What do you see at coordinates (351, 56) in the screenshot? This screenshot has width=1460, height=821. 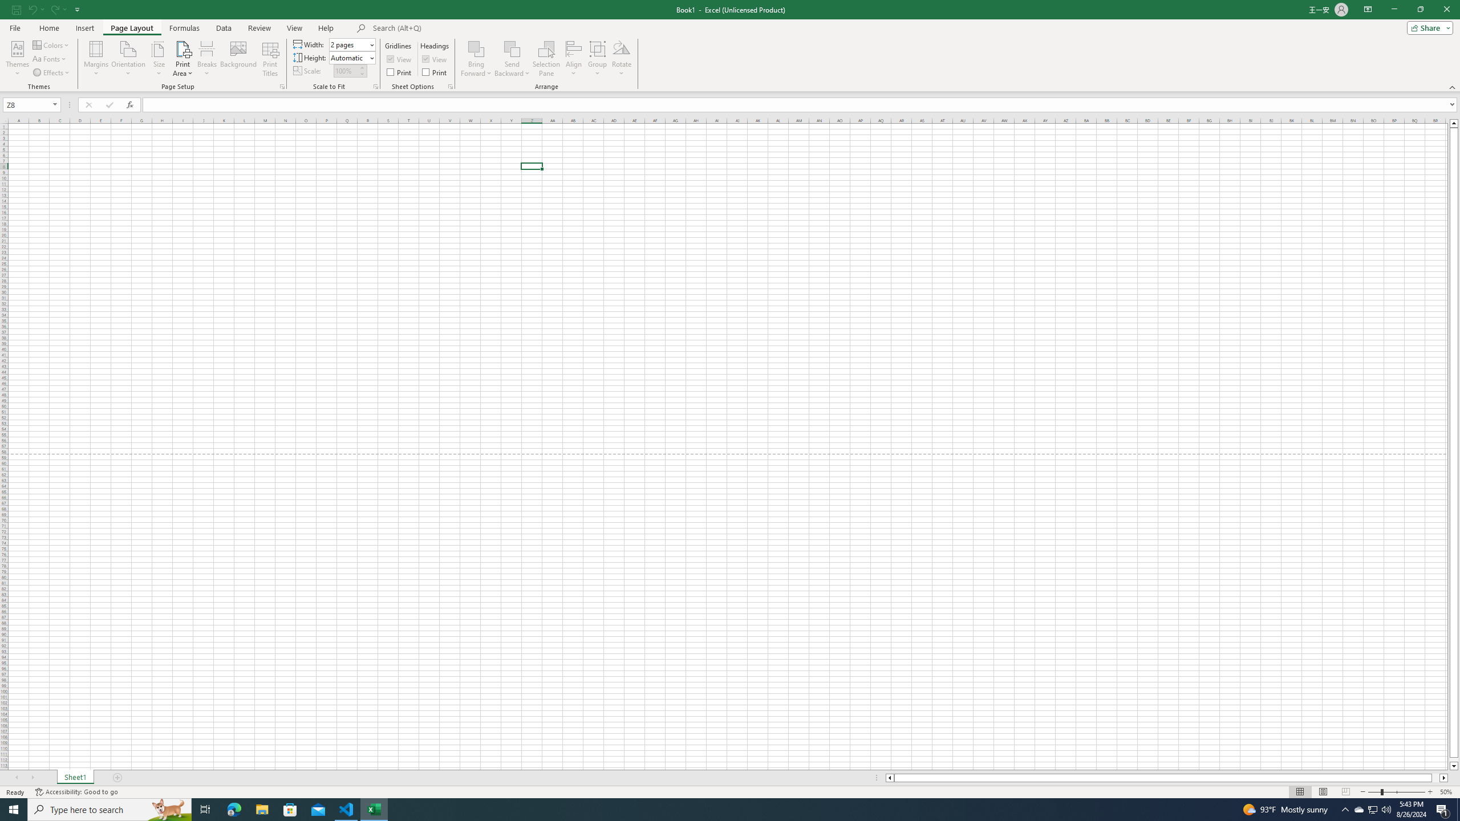 I see `'Height'` at bounding box center [351, 56].